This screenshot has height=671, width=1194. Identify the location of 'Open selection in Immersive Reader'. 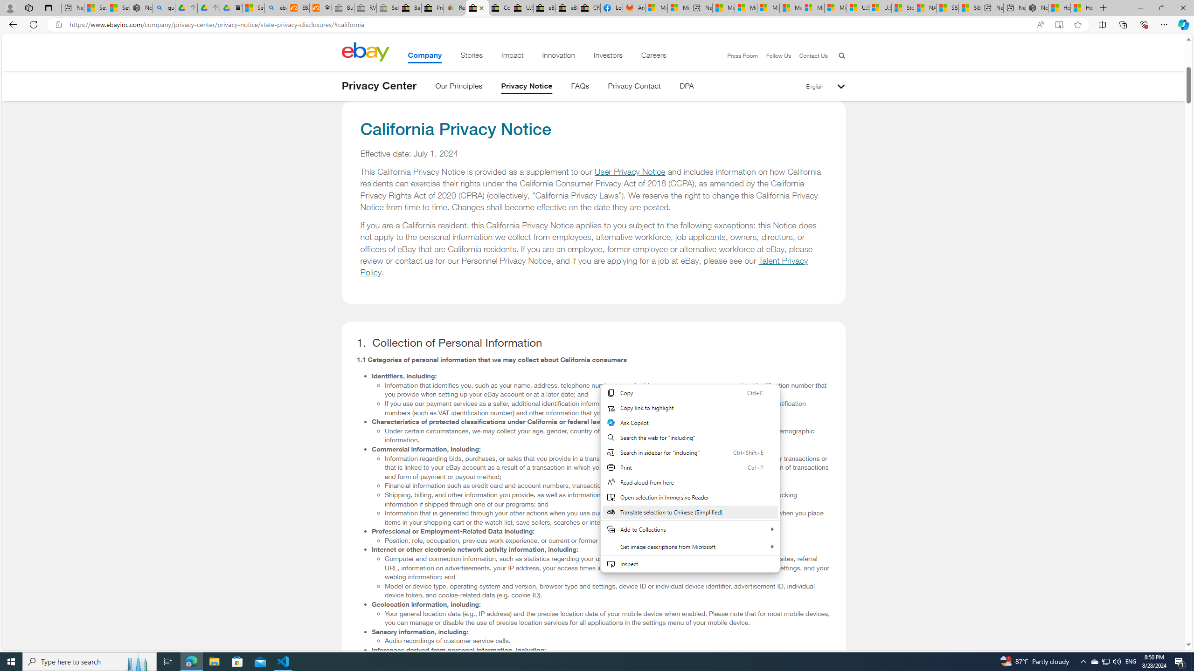
(690, 497).